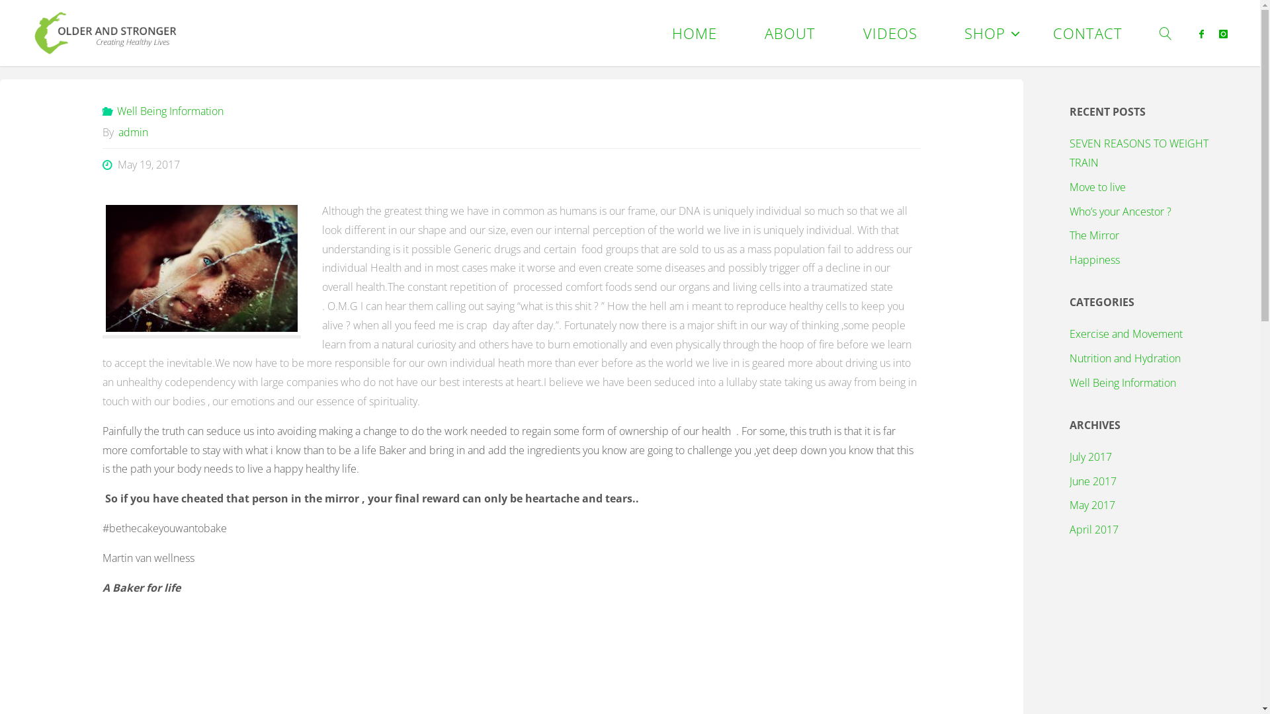 Image resolution: width=1270 pixels, height=714 pixels. What do you see at coordinates (1097, 186) in the screenshot?
I see `'Move to live'` at bounding box center [1097, 186].